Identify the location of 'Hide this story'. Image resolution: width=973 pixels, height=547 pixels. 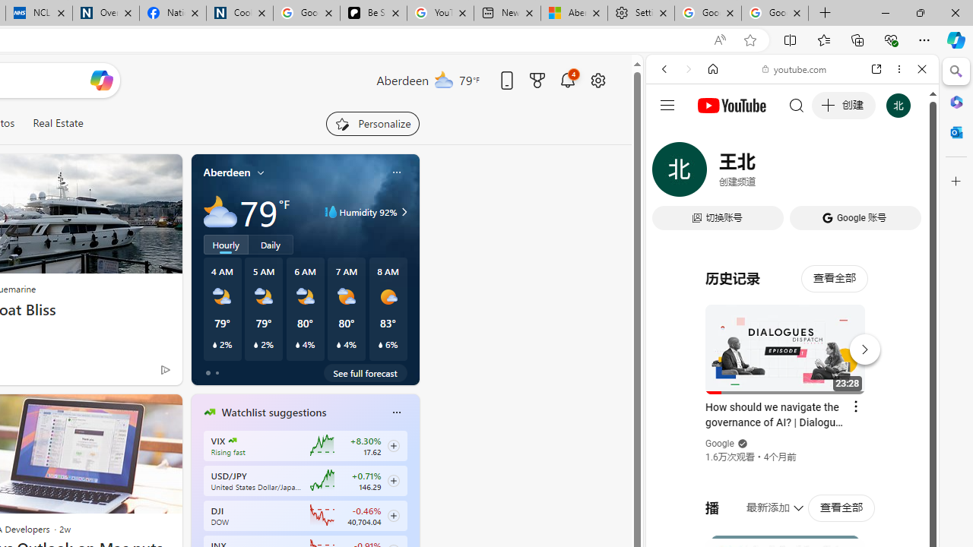
(136, 412).